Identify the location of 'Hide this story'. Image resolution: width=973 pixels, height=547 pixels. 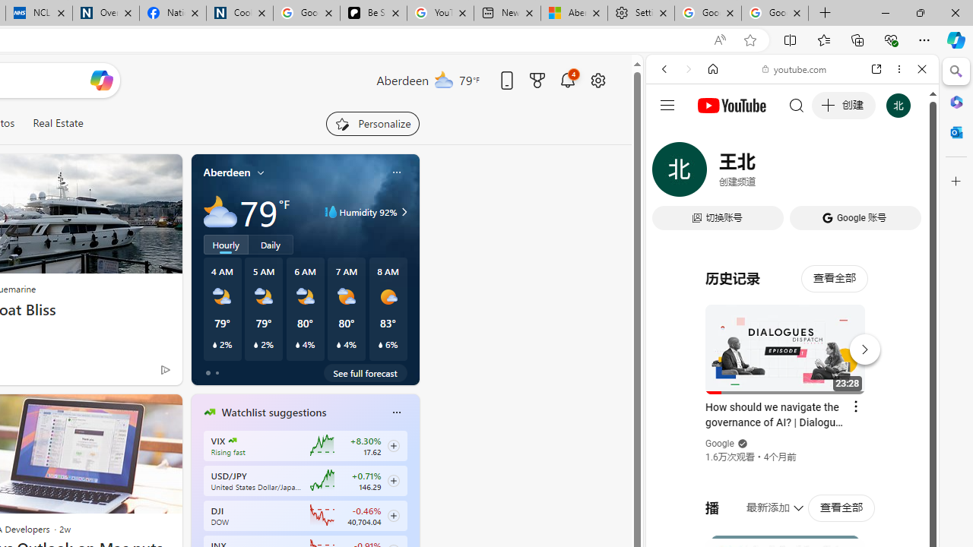
(136, 412).